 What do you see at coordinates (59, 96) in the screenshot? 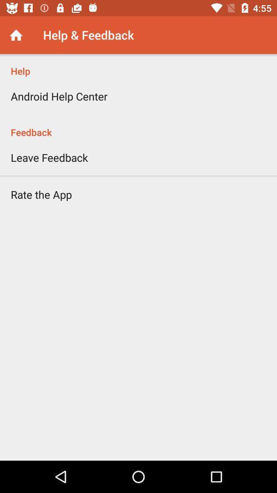
I see `item above the feedback icon` at bounding box center [59, 96].